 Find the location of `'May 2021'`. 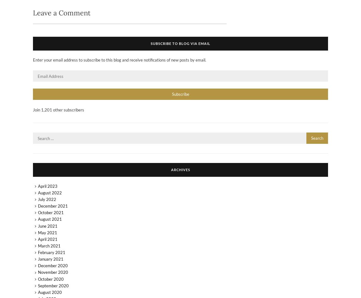

'May 2021' is located at coordinates (47, 232).